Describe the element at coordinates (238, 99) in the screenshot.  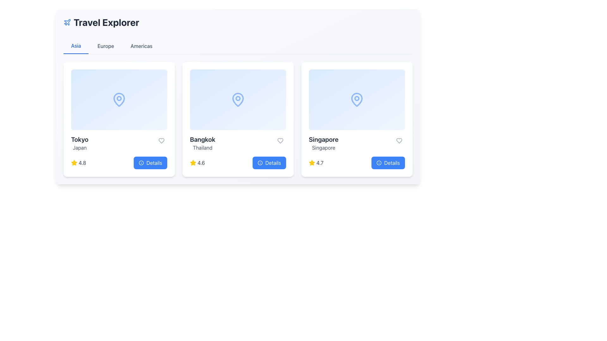
I see `the circular pinpoint icon representing the central focus of the map pin in the 'Bangkok, Thailand' card, which is the second card under the 'Asia' tab in the 'Travel Explorer' section` at that location.